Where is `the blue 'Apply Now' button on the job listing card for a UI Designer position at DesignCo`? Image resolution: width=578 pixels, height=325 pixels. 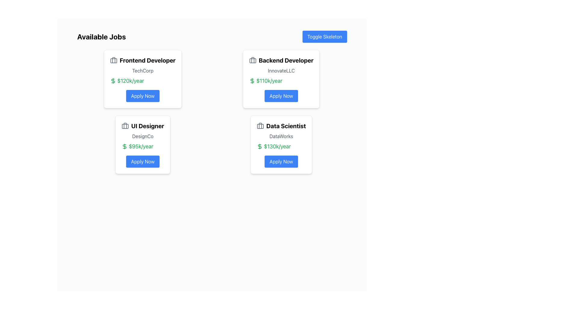 the blue 'Apply Now' button on the job listing card for a UI Designer position at DesignCo is located at coordinates (142, 161).